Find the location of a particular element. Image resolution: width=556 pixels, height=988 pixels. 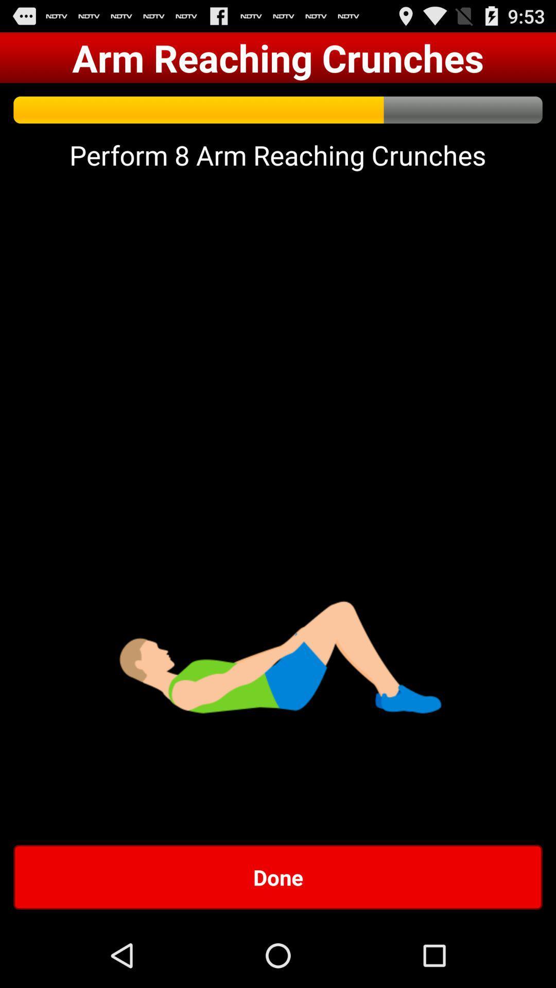

done item is located at coordinates (278, 876).